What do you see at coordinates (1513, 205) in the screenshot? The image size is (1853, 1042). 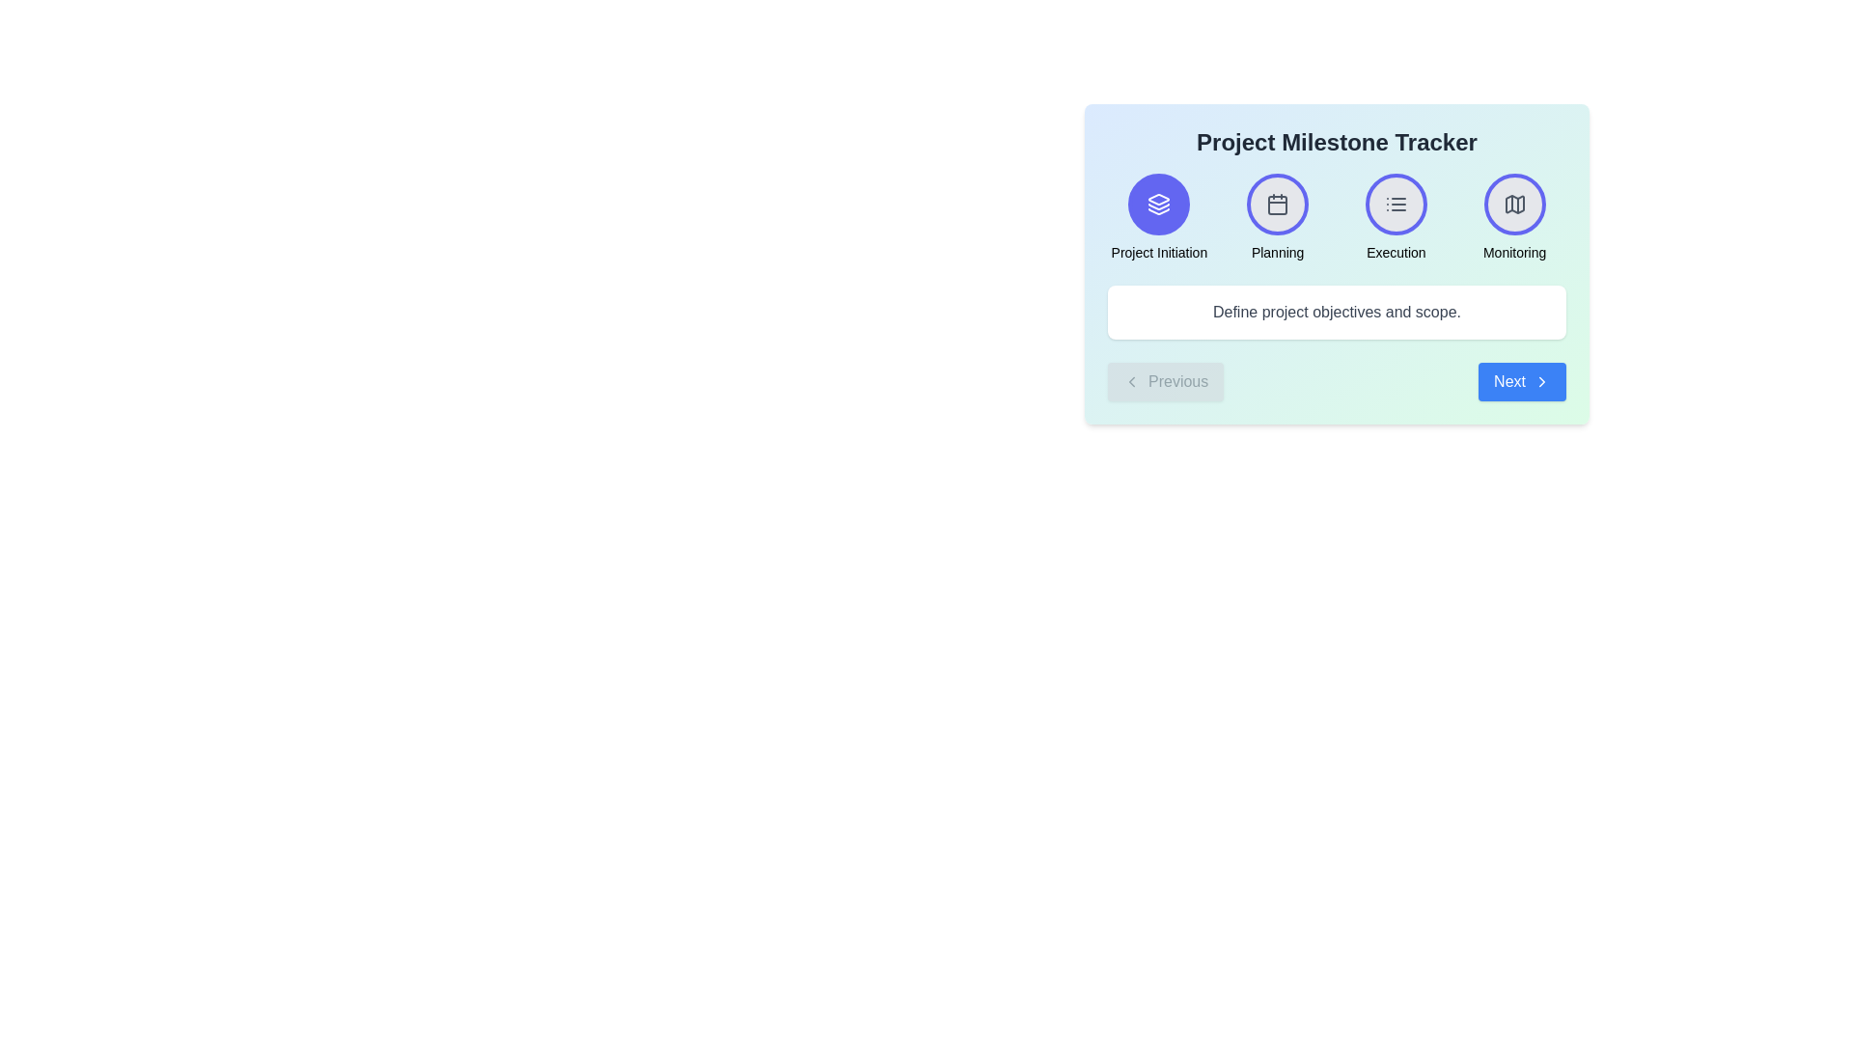 I see `the 'Monitoring' phase icon in the Project Milestone Tracker, which is the fourth circular icon from the left at the top of the interface` at bounding box center [1513, 205].